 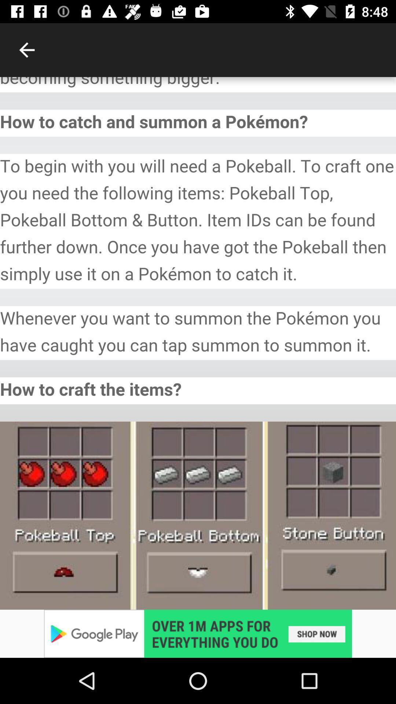 I want to click on advertisement, so click(x=198, y=633).